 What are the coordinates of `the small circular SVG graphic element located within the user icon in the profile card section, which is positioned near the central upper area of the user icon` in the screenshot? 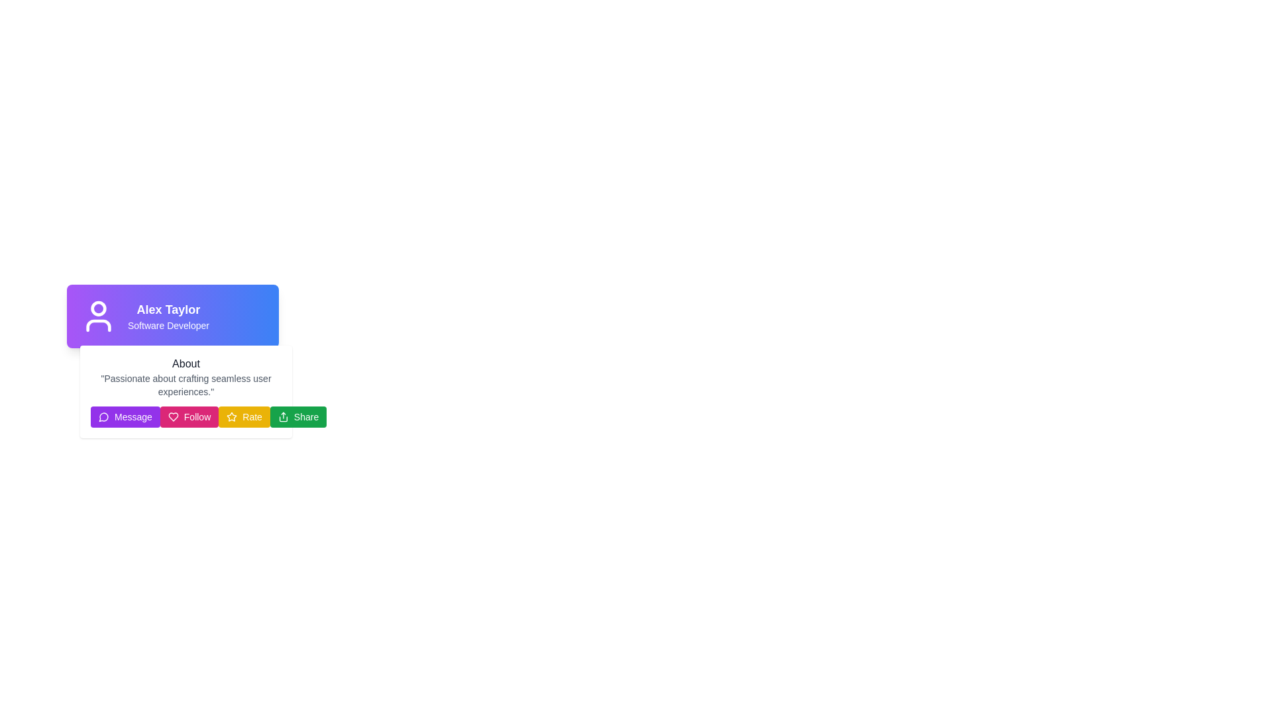 It's located at (97, 309).